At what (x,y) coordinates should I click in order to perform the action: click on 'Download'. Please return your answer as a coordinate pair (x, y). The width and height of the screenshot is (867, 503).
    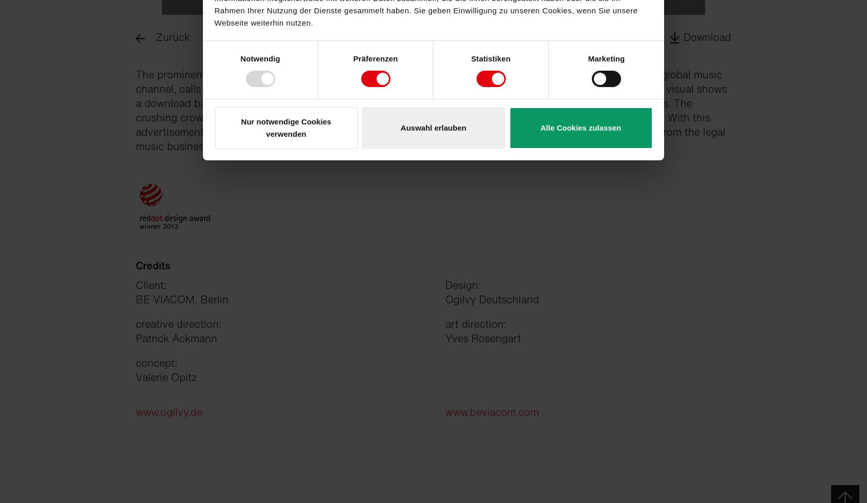
    Looking at the image, I should click on (707, 36).